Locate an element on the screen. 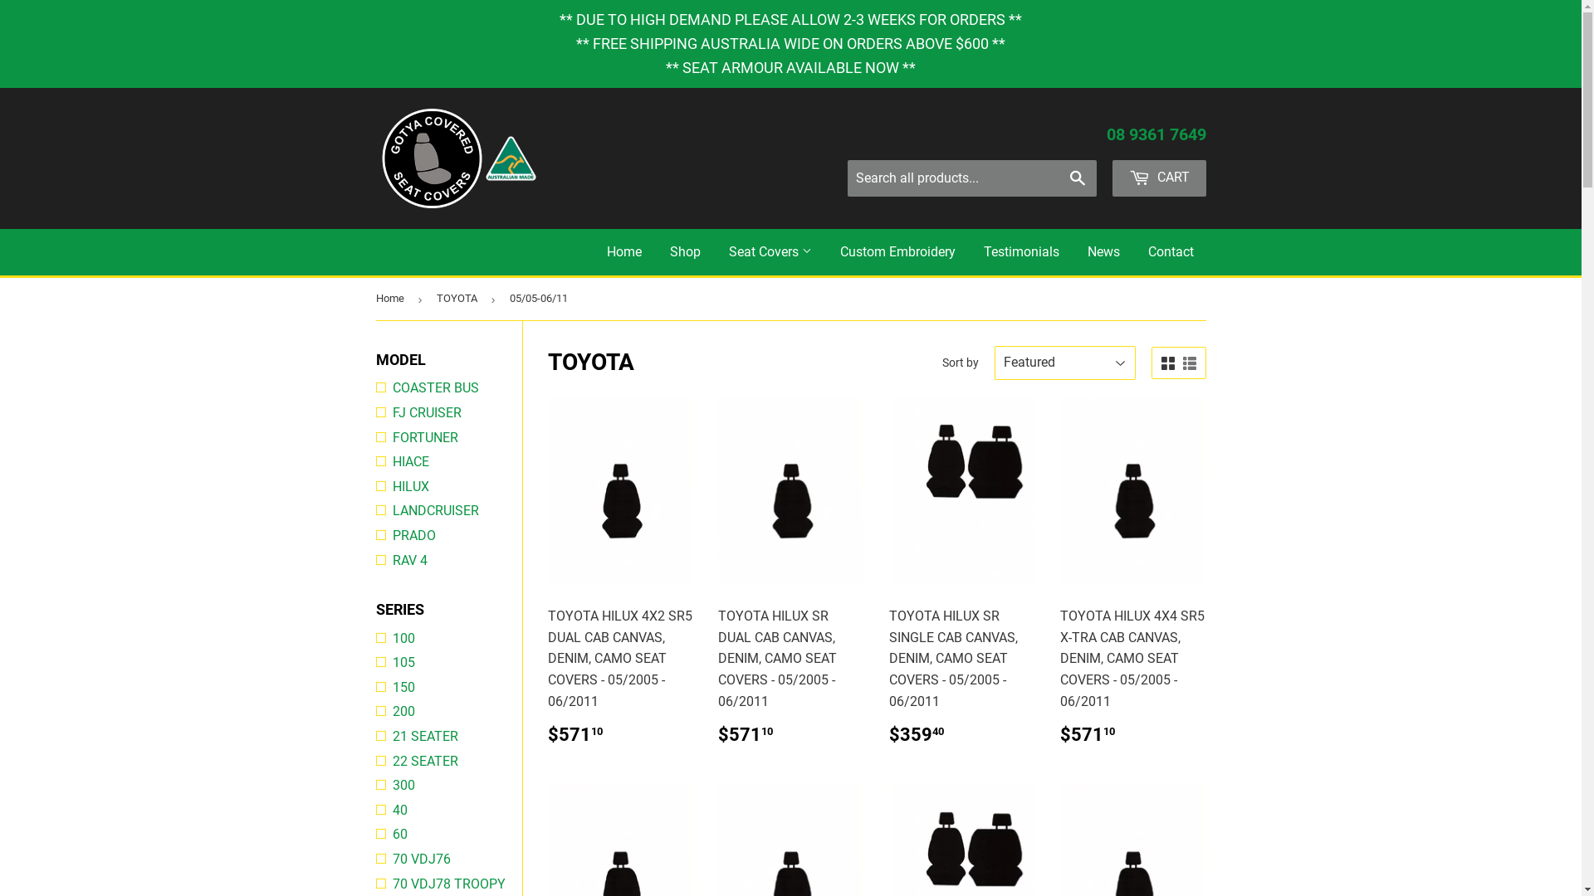  '60' is located at coordinates (374, 835).